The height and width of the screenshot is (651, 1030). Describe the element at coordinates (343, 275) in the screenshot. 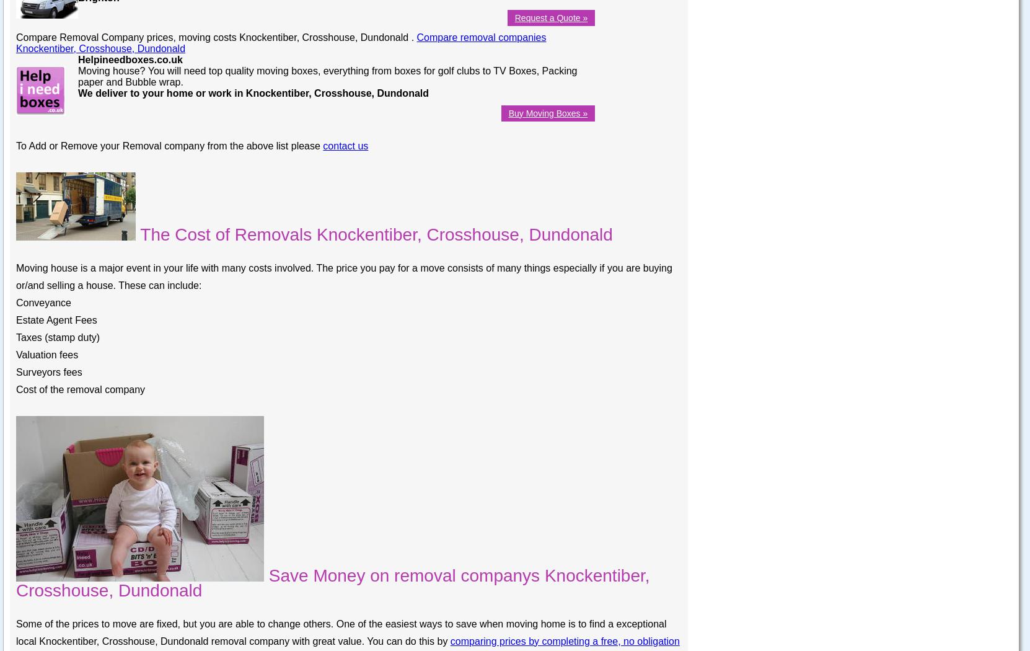

I see `'Moving house is a major event in your life with many costs involved. The price you pay for a move consists of many things especially if you are buying or/and selling a house. These can include:'` at that location.